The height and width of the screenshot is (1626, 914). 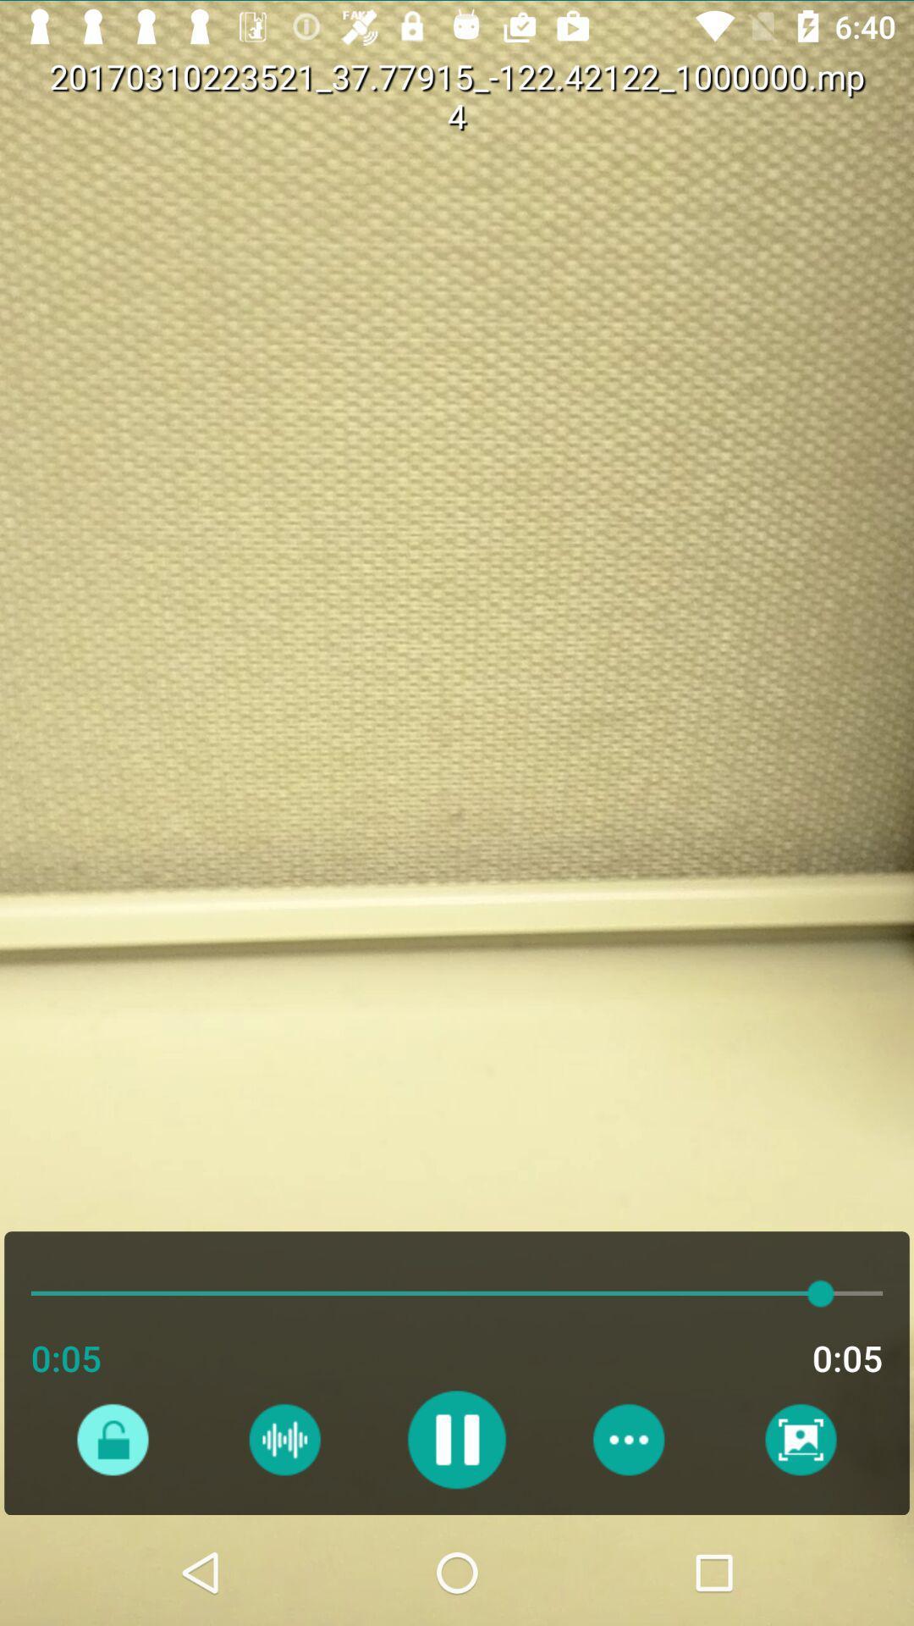 What do you see at coordinates (664, 115) in the screenshot?
I see `the text below the notification bar` at bounding box center [664, 115].